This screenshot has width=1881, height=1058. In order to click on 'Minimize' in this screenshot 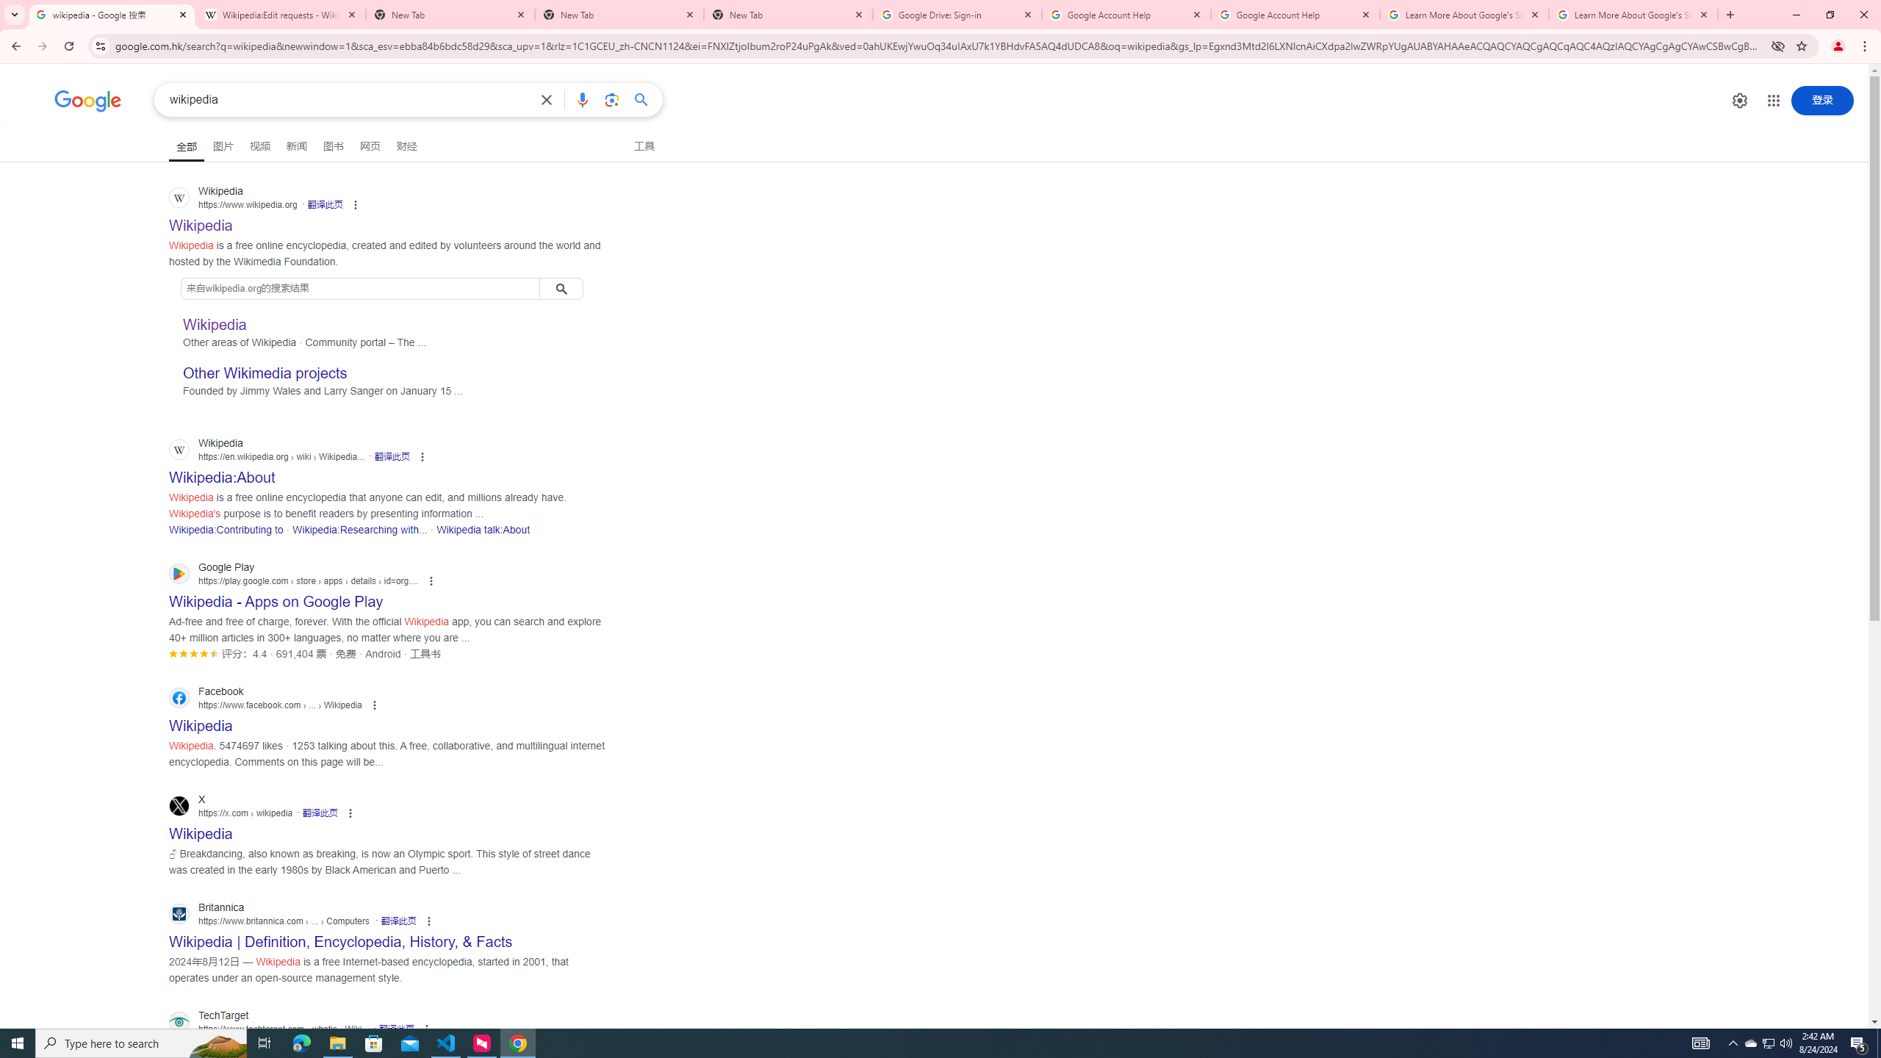, I will do `click(1795, 14)`.